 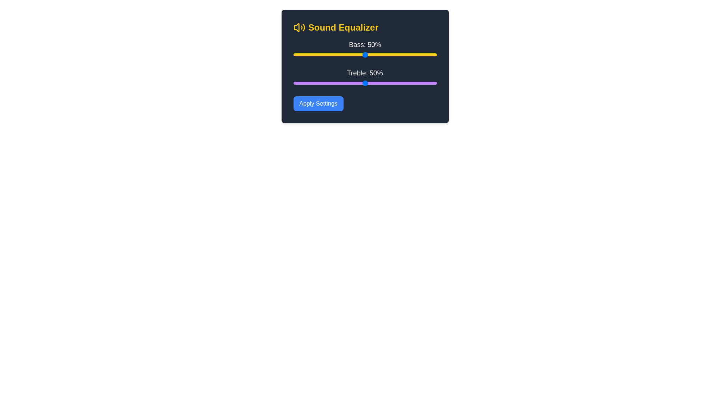 I want to click on 'Apply Settings' button to apply the current sound equalizer settings, so click(x=318, y=103).